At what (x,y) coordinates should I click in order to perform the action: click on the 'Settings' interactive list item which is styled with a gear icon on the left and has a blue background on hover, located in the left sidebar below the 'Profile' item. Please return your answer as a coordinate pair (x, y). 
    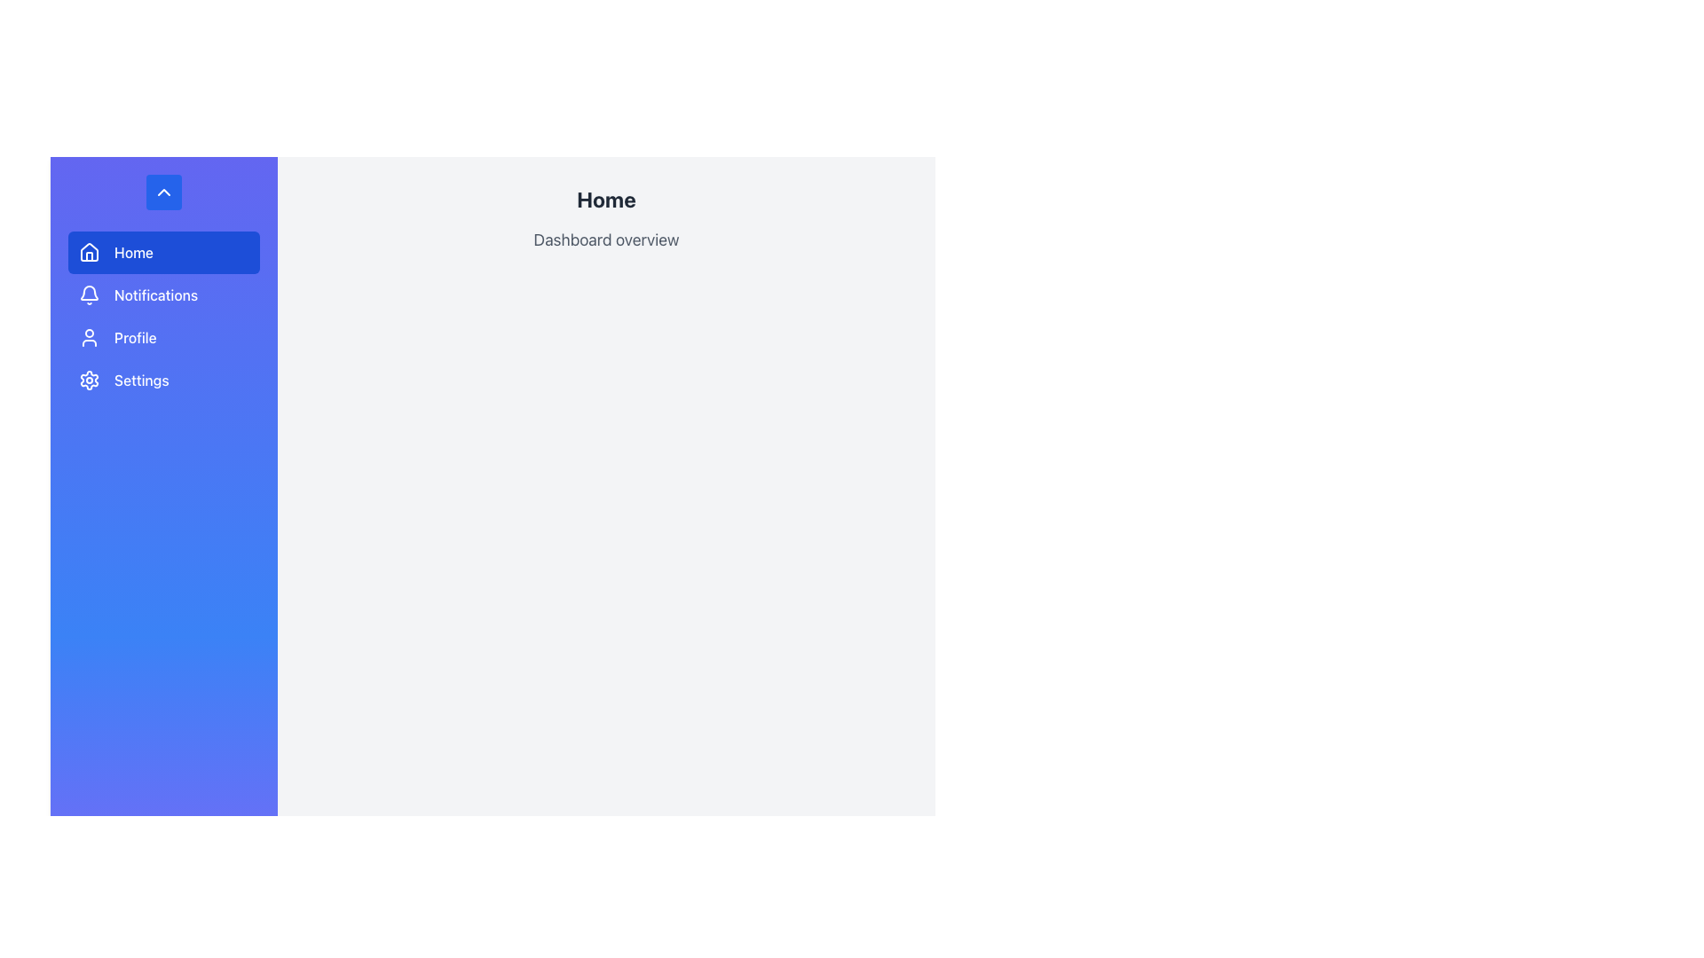
    Looking at the image, I should click on (164, 379).